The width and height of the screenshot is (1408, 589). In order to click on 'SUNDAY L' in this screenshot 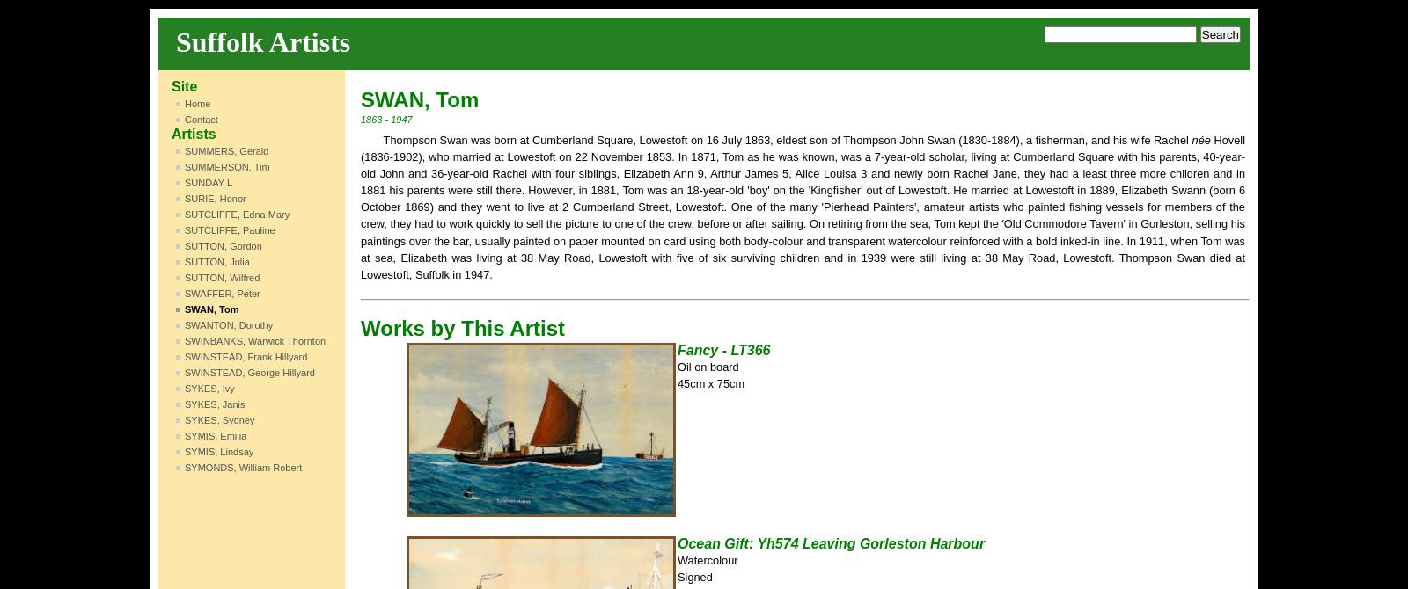, I will do `click(208, 181)`.